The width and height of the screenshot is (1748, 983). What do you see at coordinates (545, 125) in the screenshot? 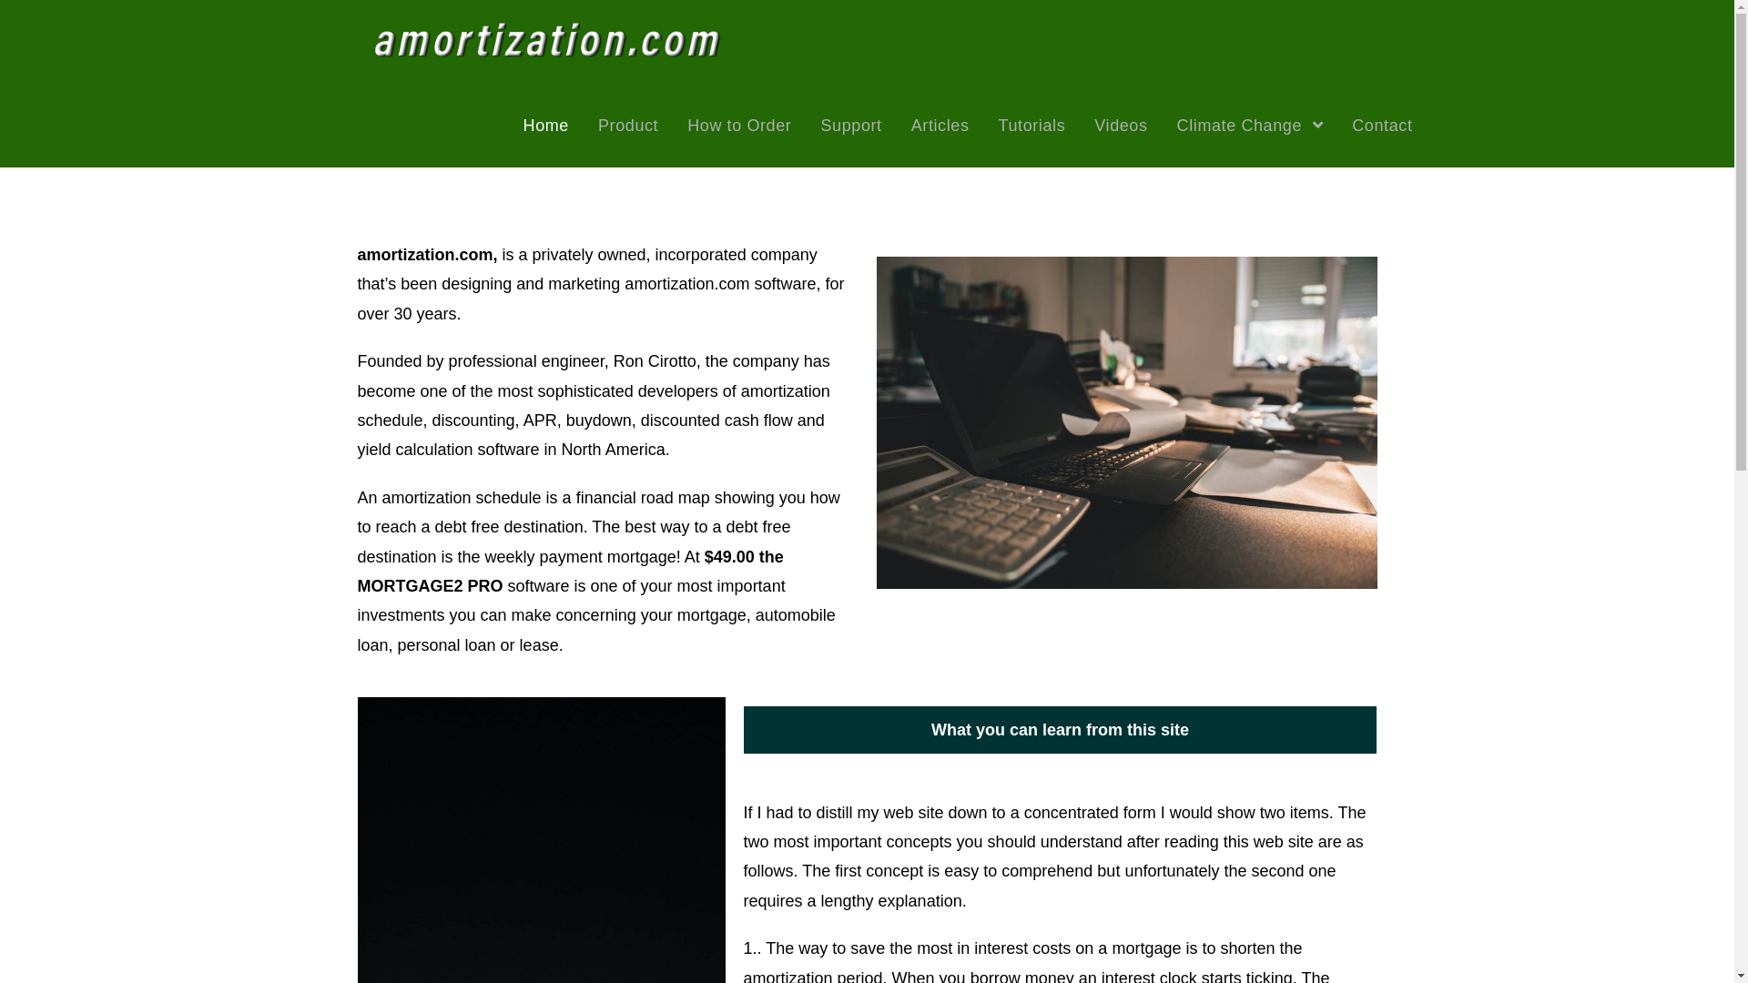
I see `'Home'` at bounding box center [545, 125].